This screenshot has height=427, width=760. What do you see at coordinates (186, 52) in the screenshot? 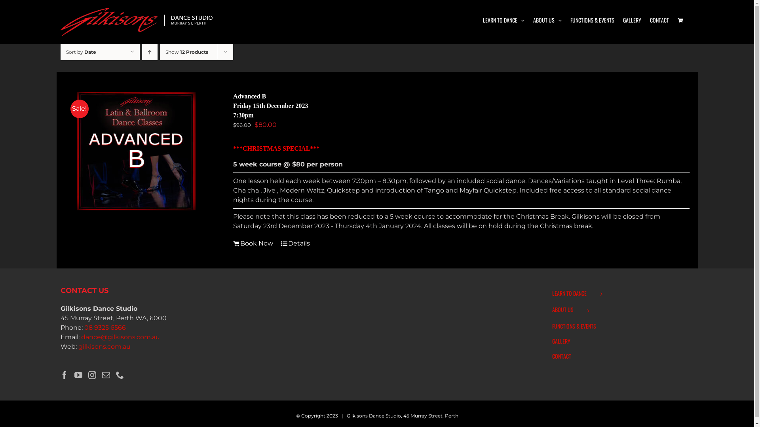
I see `'Show 12 Products'` at bounding box center [186, 52].